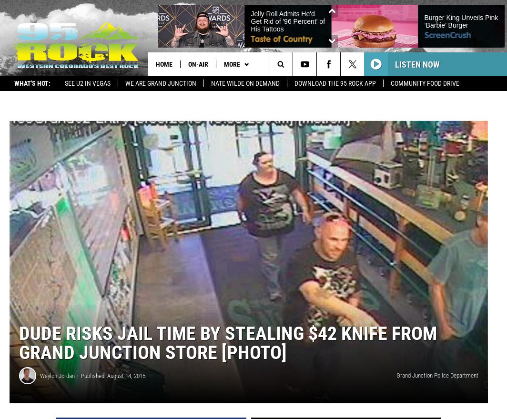 This screenshot has height=419, width=507. What do you see at coordinates (57, 376) in the screenshot?
I see `'Waylon Jordan'` at bounding box center [57, 376].